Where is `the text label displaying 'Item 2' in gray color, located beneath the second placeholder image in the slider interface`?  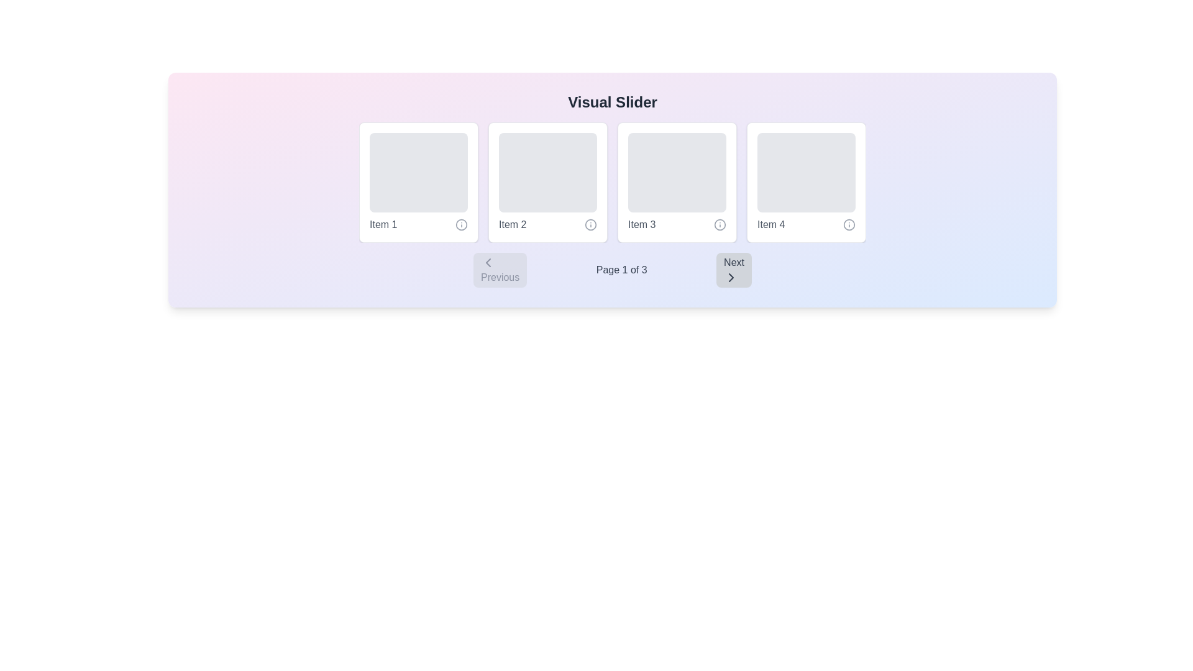 the text label displaying 'Item 2' in gray color, located beneath the second placeholder image in the slider interface is located at coordinates (513, 225).